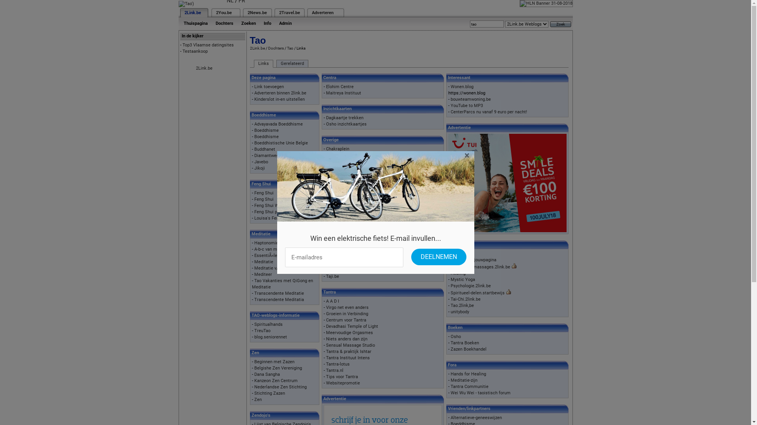 The width and height of the screenshot is (757, 425). What do you see at coordinates (261, 161) in the screenshot?
I see `'Javebo'` at bounding box center [261, 161].